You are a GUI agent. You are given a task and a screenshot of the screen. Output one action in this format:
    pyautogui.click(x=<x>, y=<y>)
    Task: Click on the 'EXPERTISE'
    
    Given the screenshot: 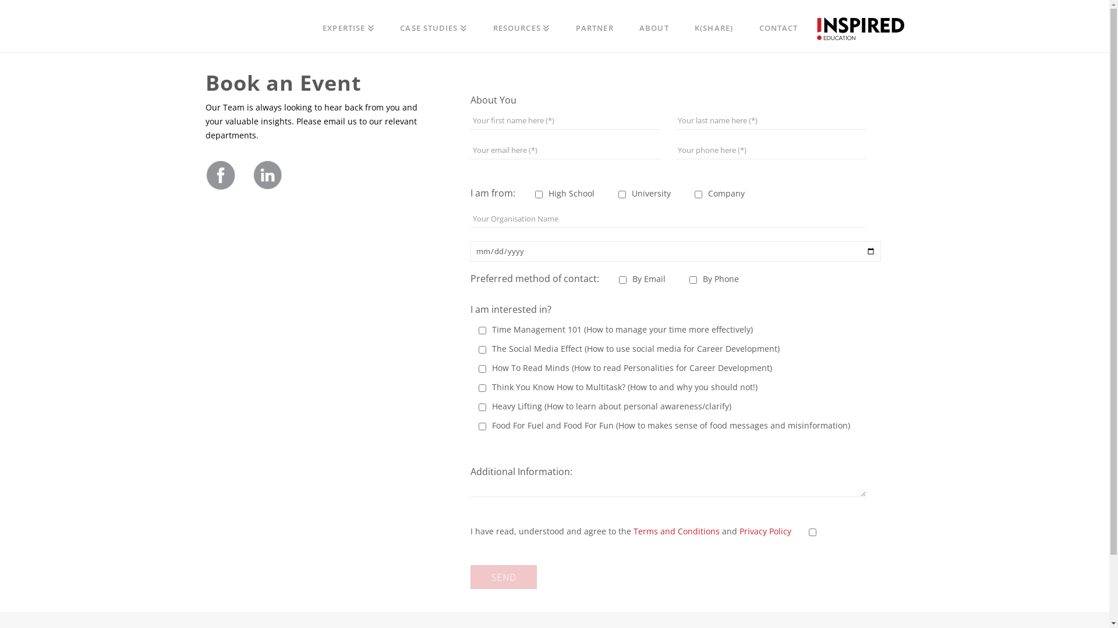 What is the action you would take?
    pyautogui.click(x=348, y=26)
    